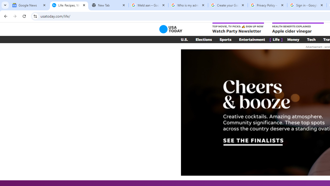  I want to click on 'Tech', so click(311, 39).